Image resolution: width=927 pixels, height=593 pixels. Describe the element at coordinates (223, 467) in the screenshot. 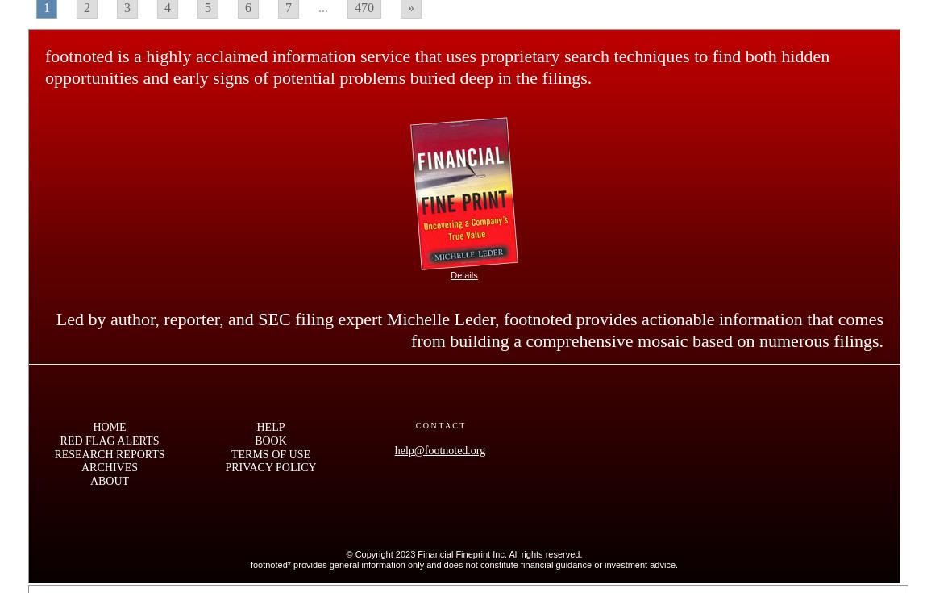

I see `'PRIVACY POLICY'` at that location.